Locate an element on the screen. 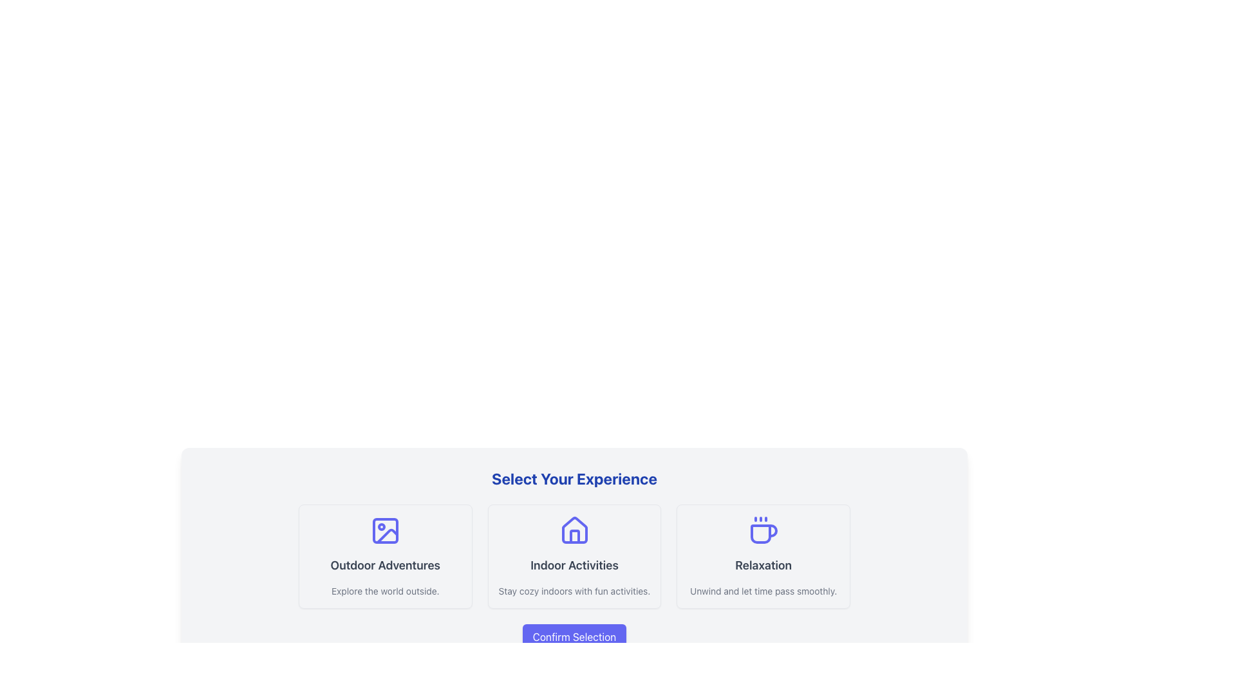 The image size is (1236, 695). the coffee cup icon with three steam lines above it, which is associated with the 'Relaxation' option in the selection interface is located at coordinates (763, 531).